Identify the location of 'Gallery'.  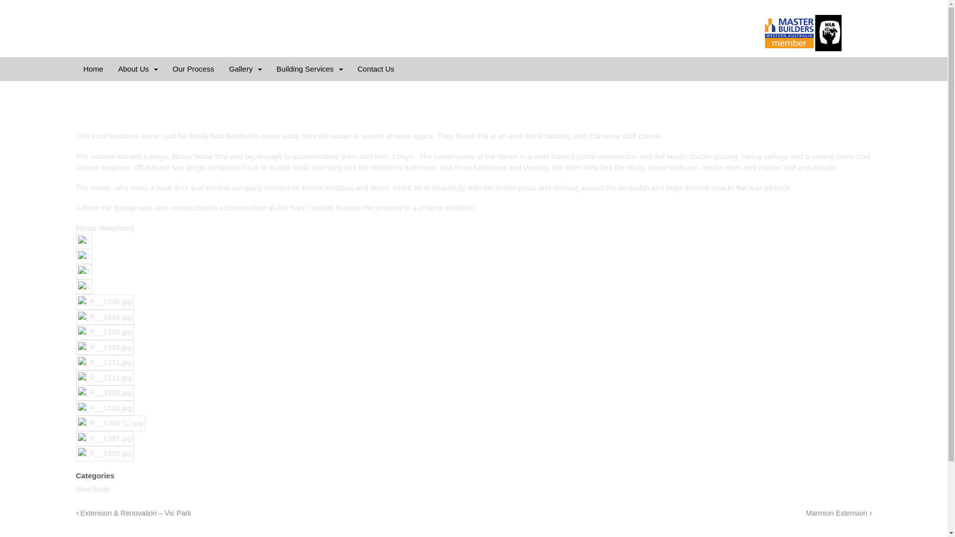
(221, 68).